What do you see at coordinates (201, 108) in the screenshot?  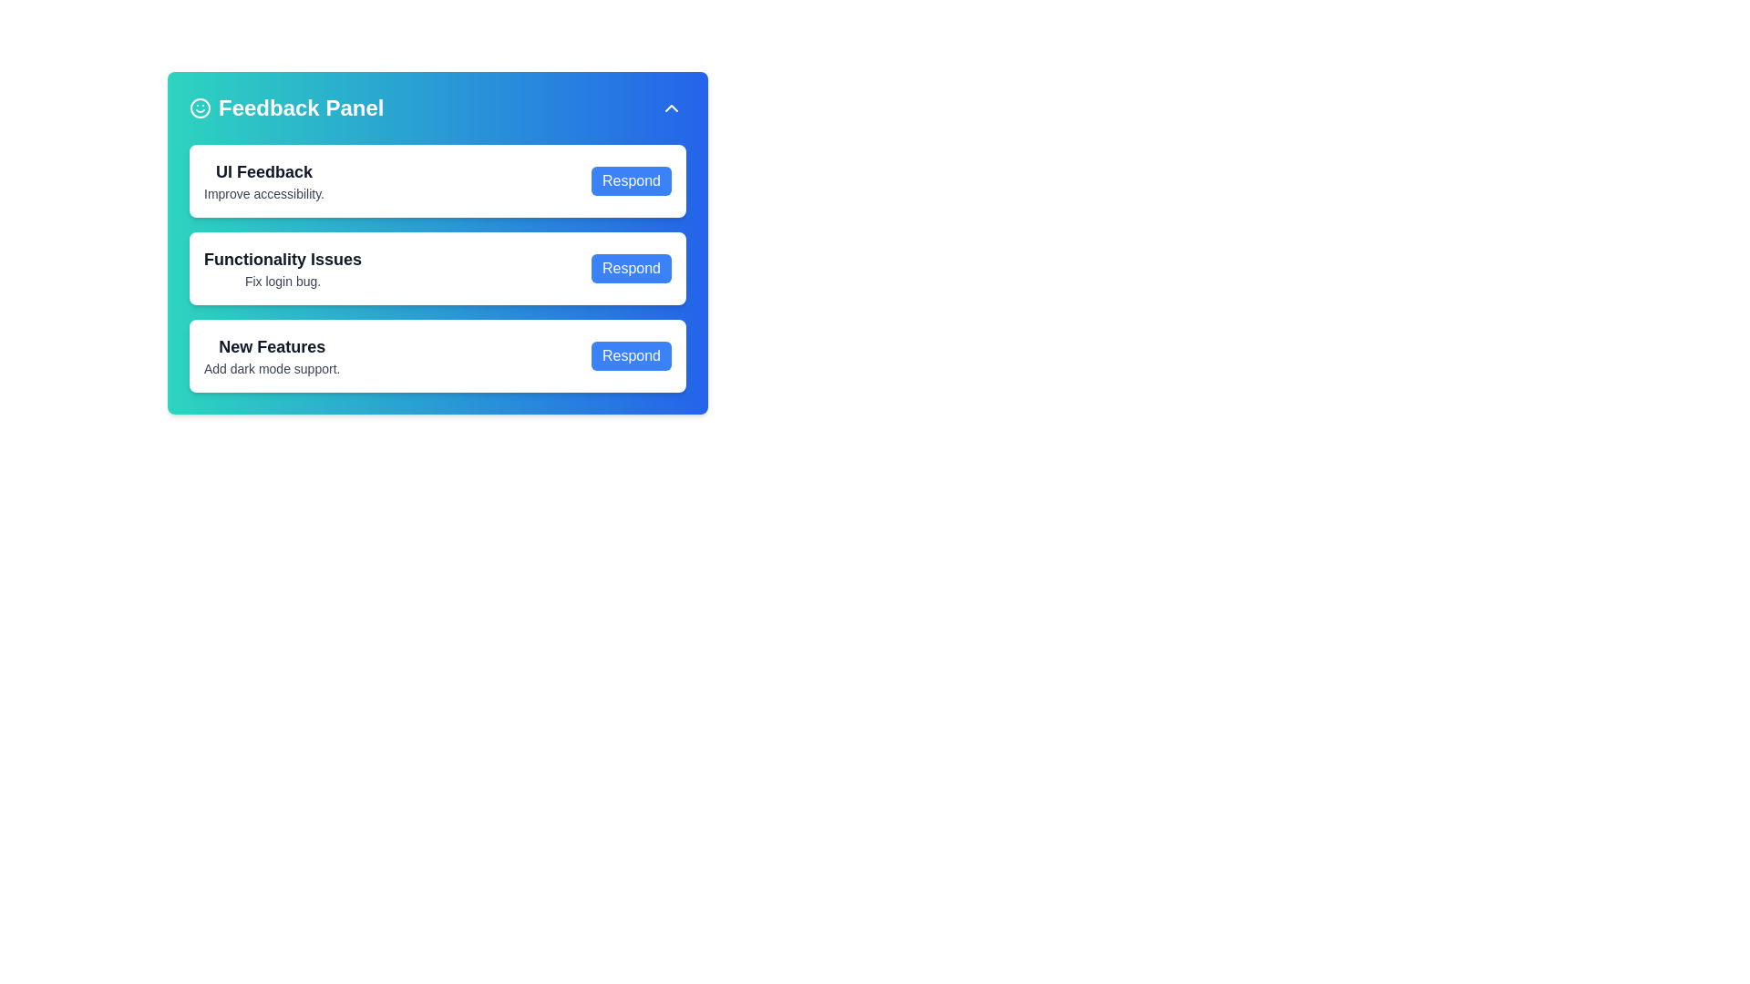 I see `the illustrative icon located in the 'Feedback Panel' header, which represents positivity or feedback and is positioned to the left of the text 'Feedback Panel'` at bounding box center [201, 108].